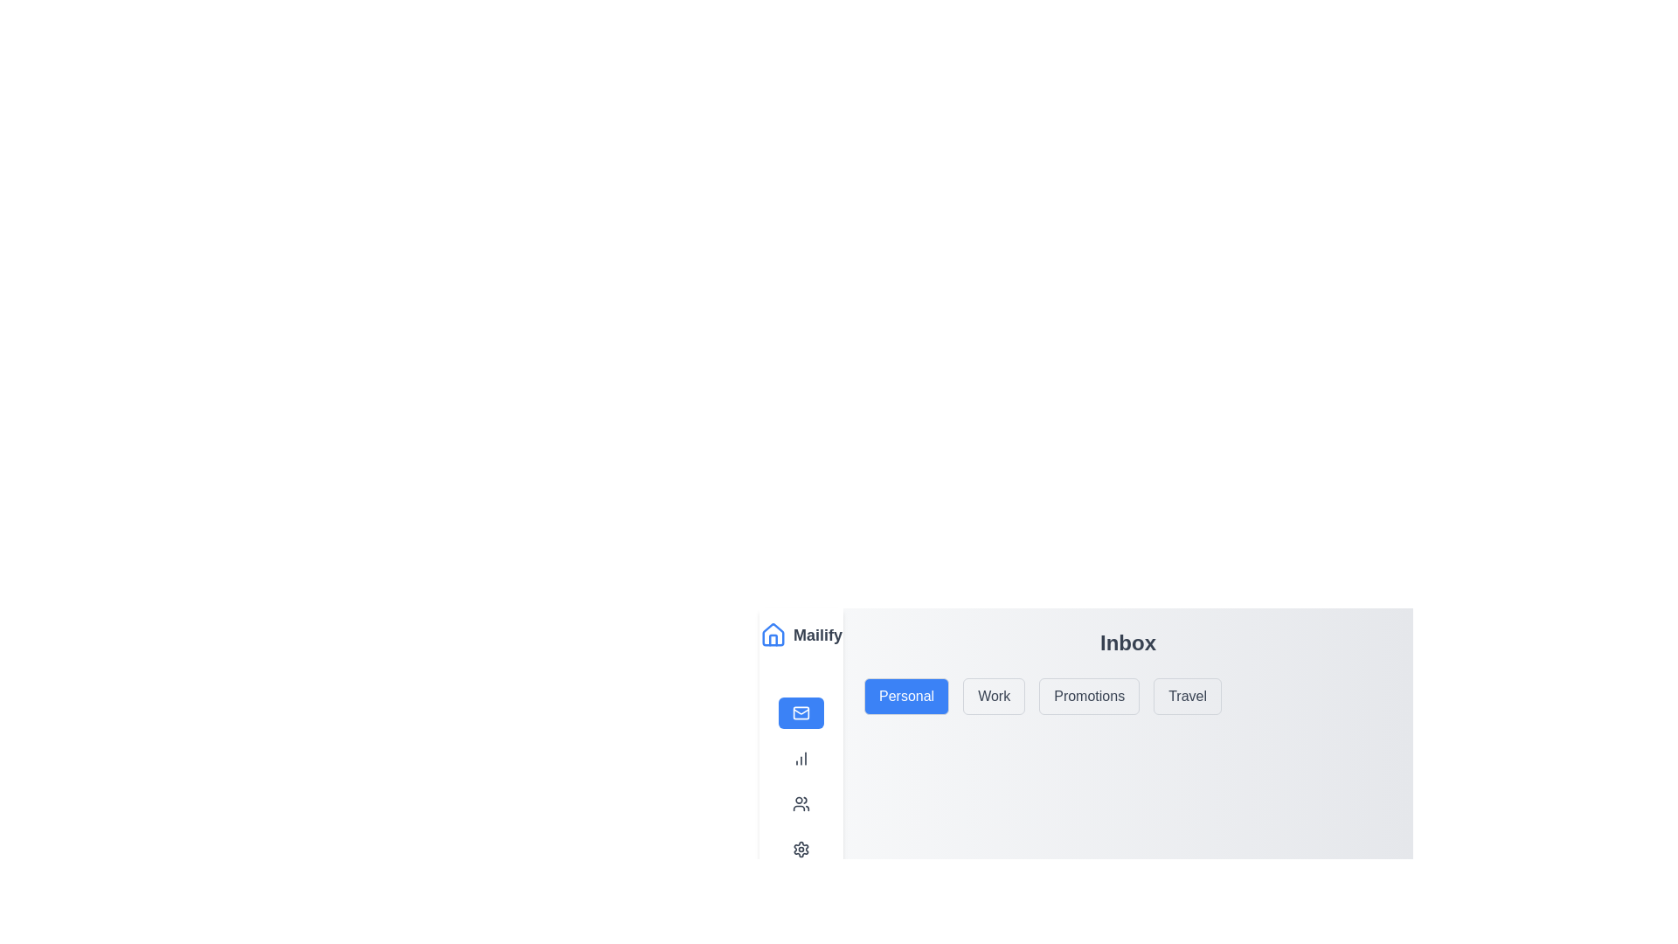 Image resolution: width=1678 pixels, height=944 pixels. I want to click on the navigation button with a blue background and white envelope icon, so click(800, 713).